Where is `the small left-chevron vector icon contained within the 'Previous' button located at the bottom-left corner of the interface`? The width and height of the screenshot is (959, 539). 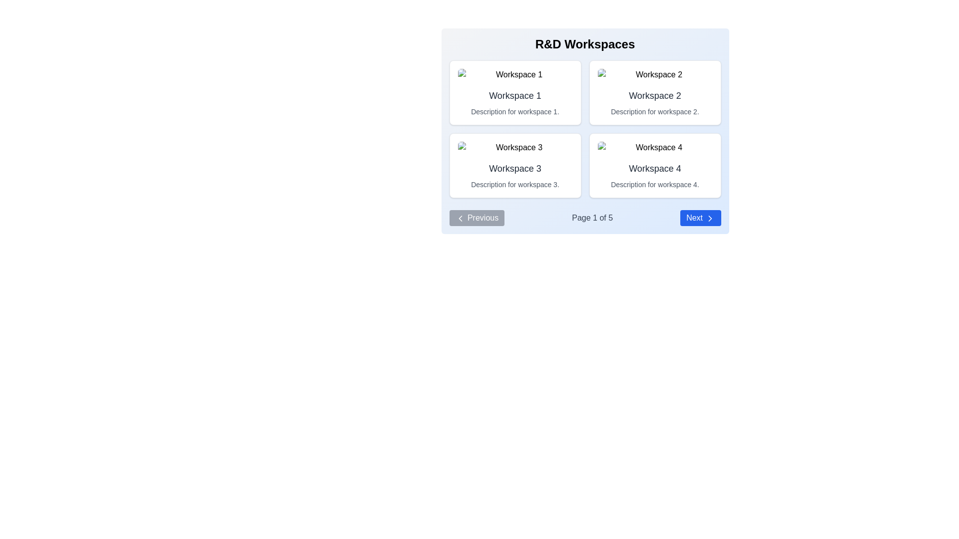
the small left-chevron vector icon contained within the 'Previous' button located at the bottom-left corner of the interface is located at coordinates (460, 218).